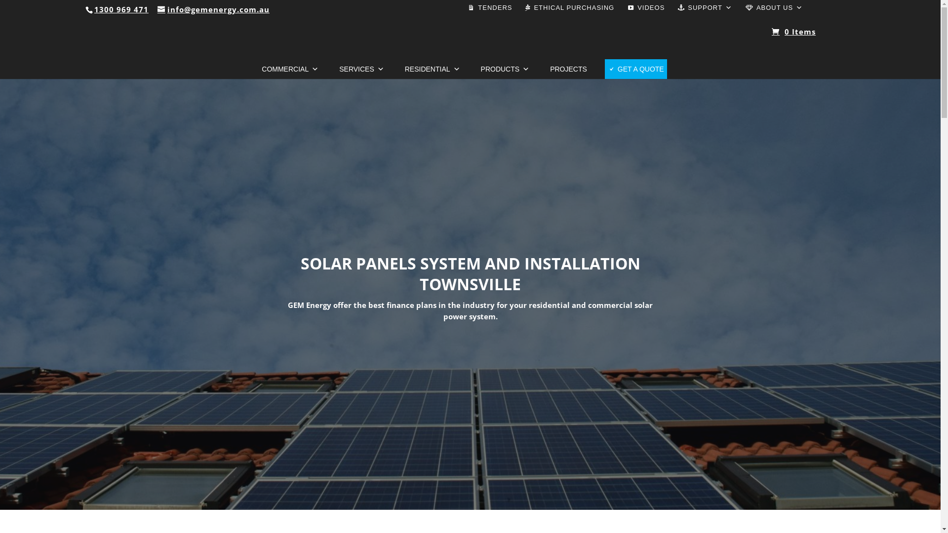 The image size is (948, 533). What do you see at coordinates (793, 26) in the screenshot?
I see `'0 Items'` at bounding box center [793, 26].